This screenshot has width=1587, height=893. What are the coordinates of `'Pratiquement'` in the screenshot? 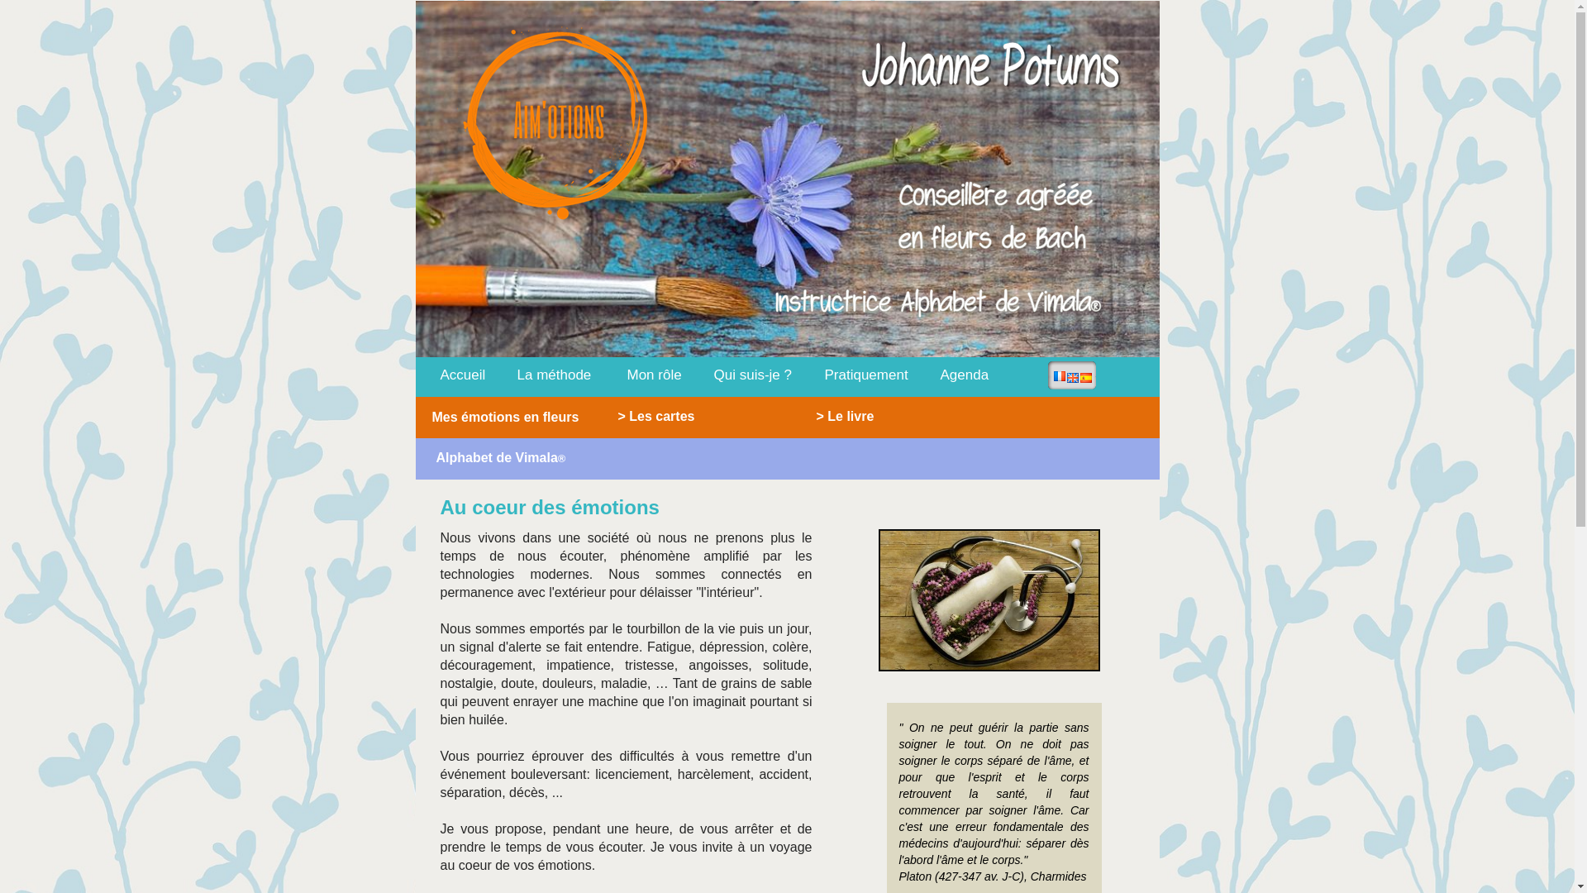 It's located at (865, 374).